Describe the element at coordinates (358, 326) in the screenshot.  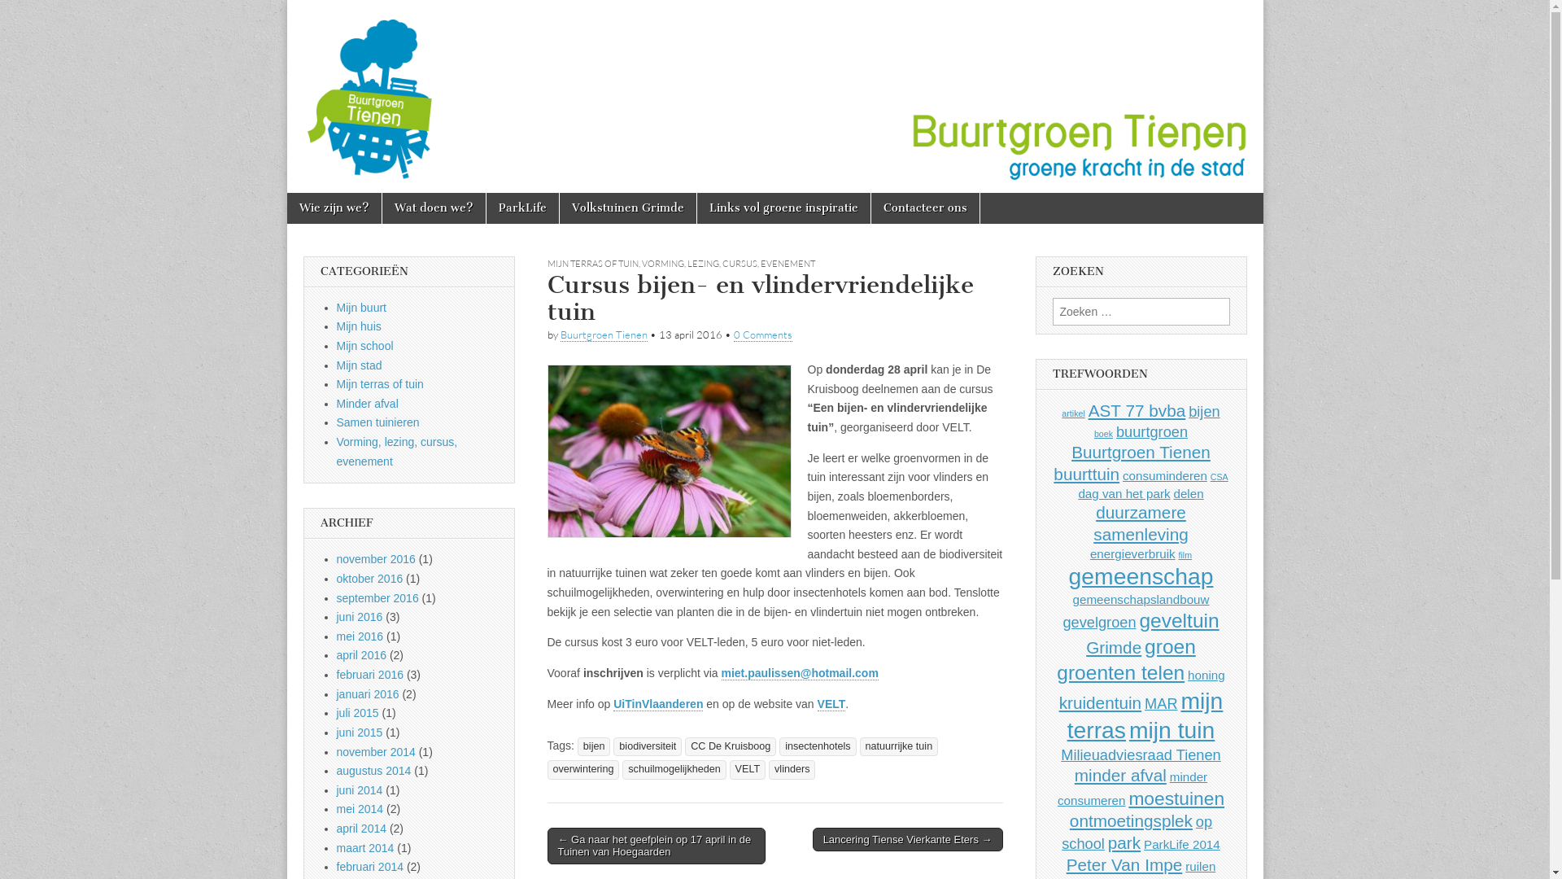
I see `'Mijn huis'` at that location.